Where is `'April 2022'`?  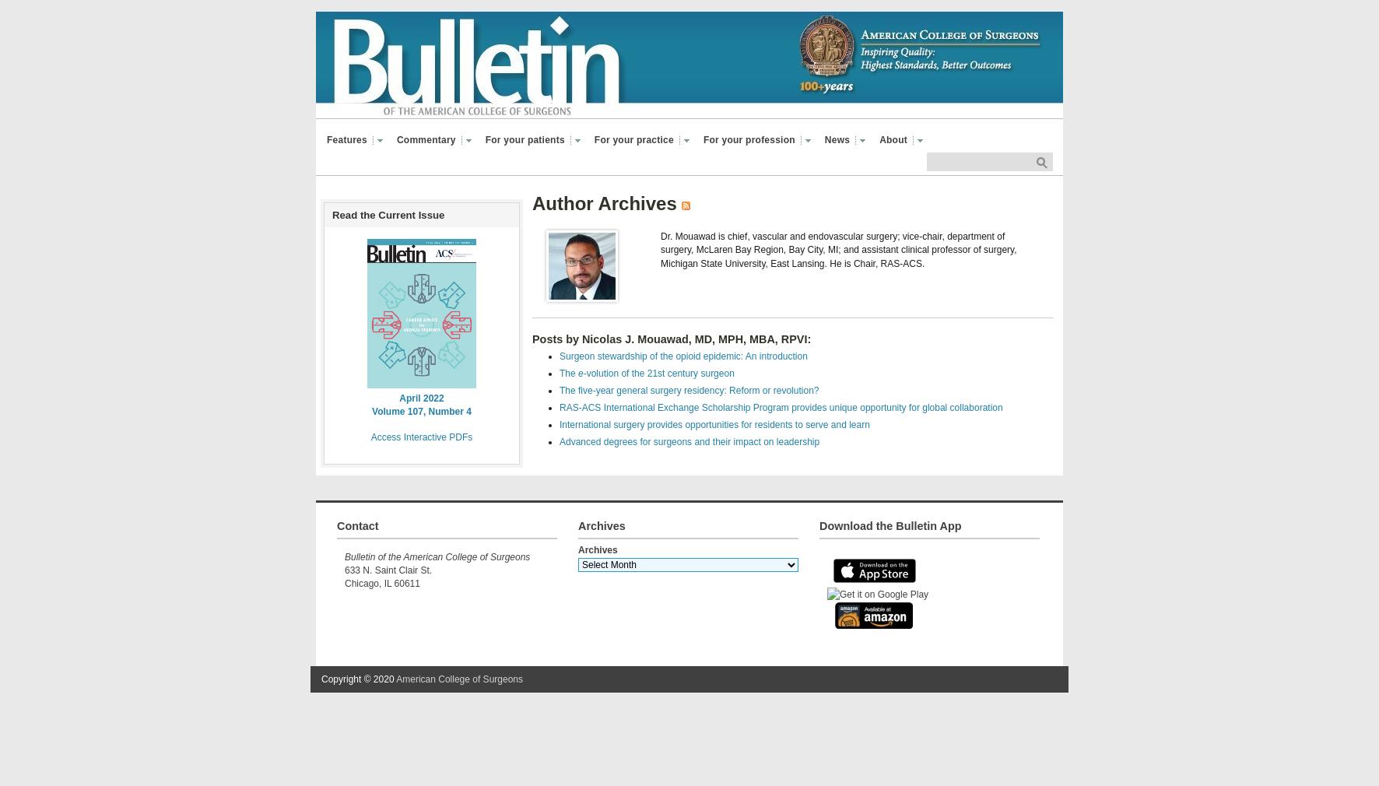 'April 2022' is located at coordinates (420, 396).